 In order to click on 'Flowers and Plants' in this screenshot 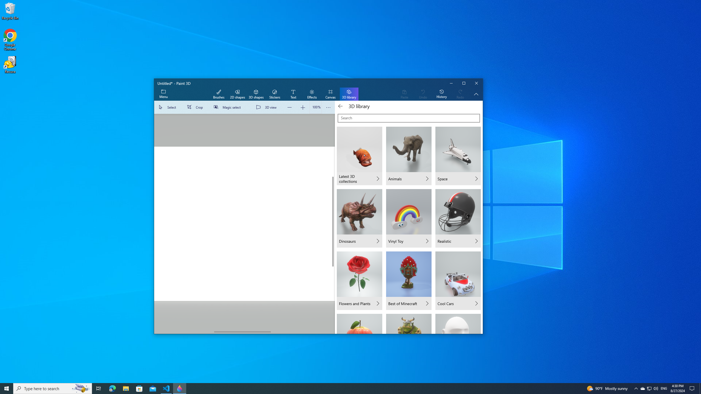, I will do `click(359, 281)`.